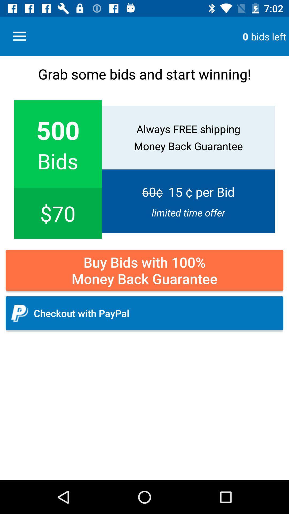 Image resolution: width=289 pixels, height=514 pixels. What do you see at coordinates (19, 36) in the screenshot?
I see `icon above grab some bids` at bounding box center [19, 36].